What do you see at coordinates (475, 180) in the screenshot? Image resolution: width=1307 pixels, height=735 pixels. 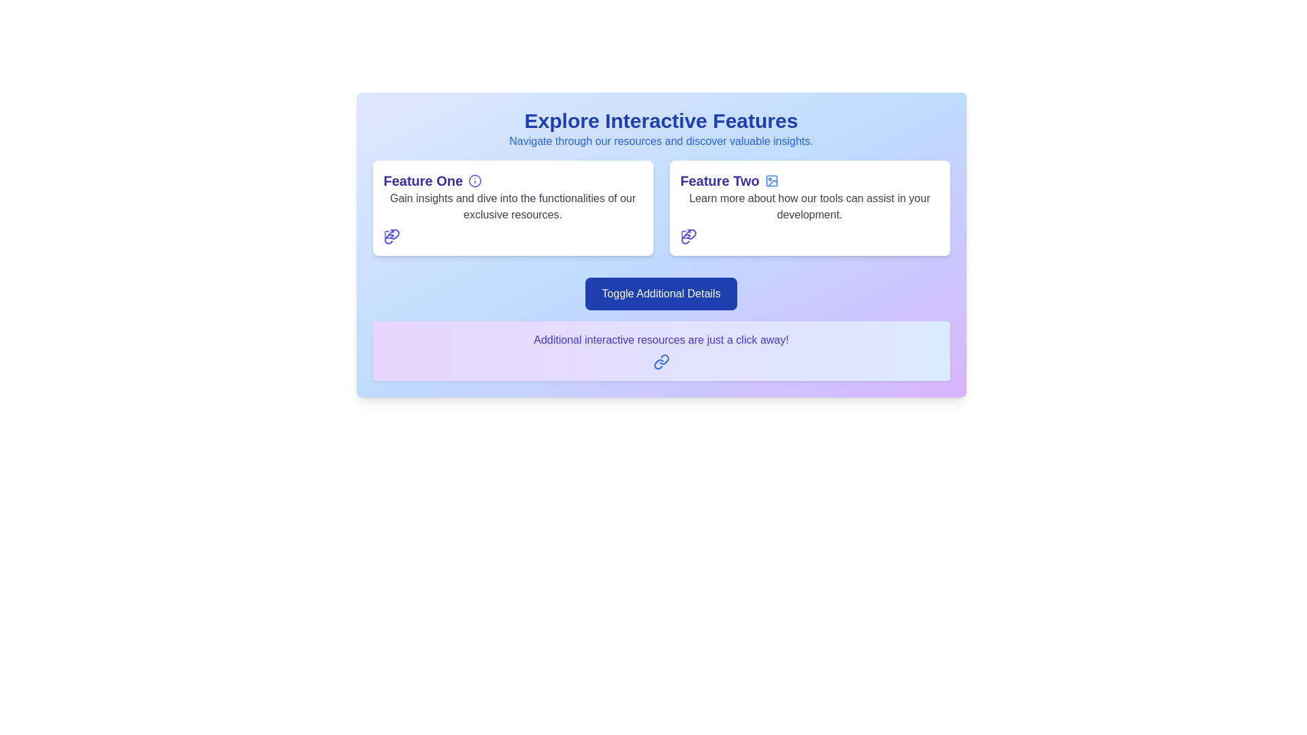 I see `the icon located centrally within the text block titled 'Feature One', which serves as a visual indicator for additional information` at bounding box center [475, 180].